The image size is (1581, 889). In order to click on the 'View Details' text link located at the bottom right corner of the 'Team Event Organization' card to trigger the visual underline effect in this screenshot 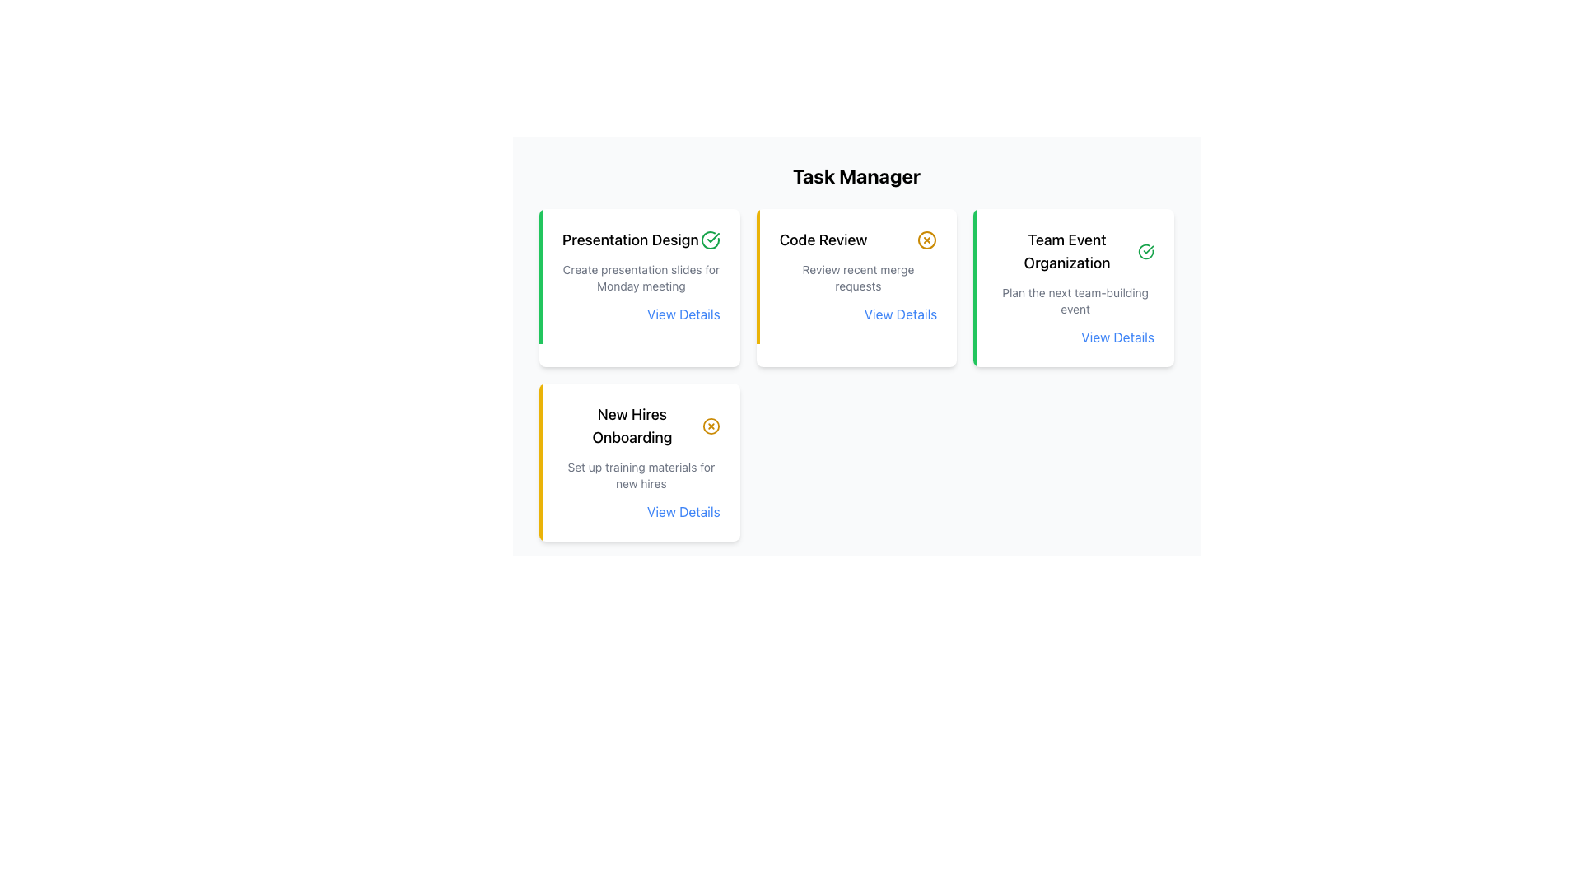, I will do `click(1117, 336)`.